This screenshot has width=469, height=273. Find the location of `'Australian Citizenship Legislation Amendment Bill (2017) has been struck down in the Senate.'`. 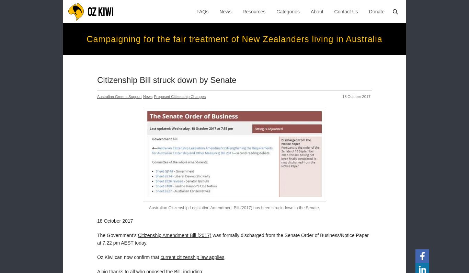

'Australian Citizenship Legislation Amendment Bill (2017) has been struck down in the Senate.' is located at coordinates (234, 208).